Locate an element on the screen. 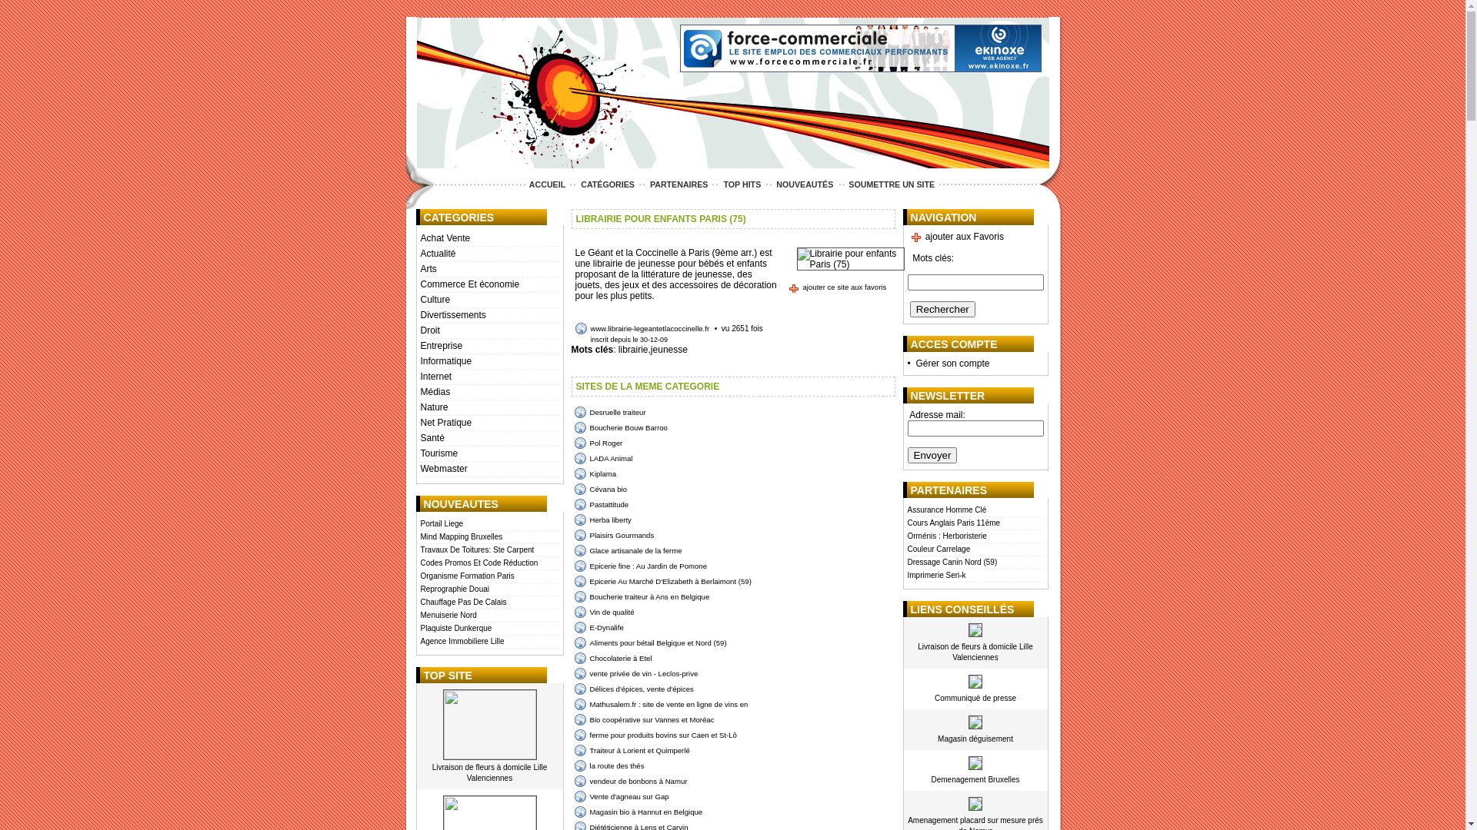  'Herba liberty' is located at coordinates (601, 519).